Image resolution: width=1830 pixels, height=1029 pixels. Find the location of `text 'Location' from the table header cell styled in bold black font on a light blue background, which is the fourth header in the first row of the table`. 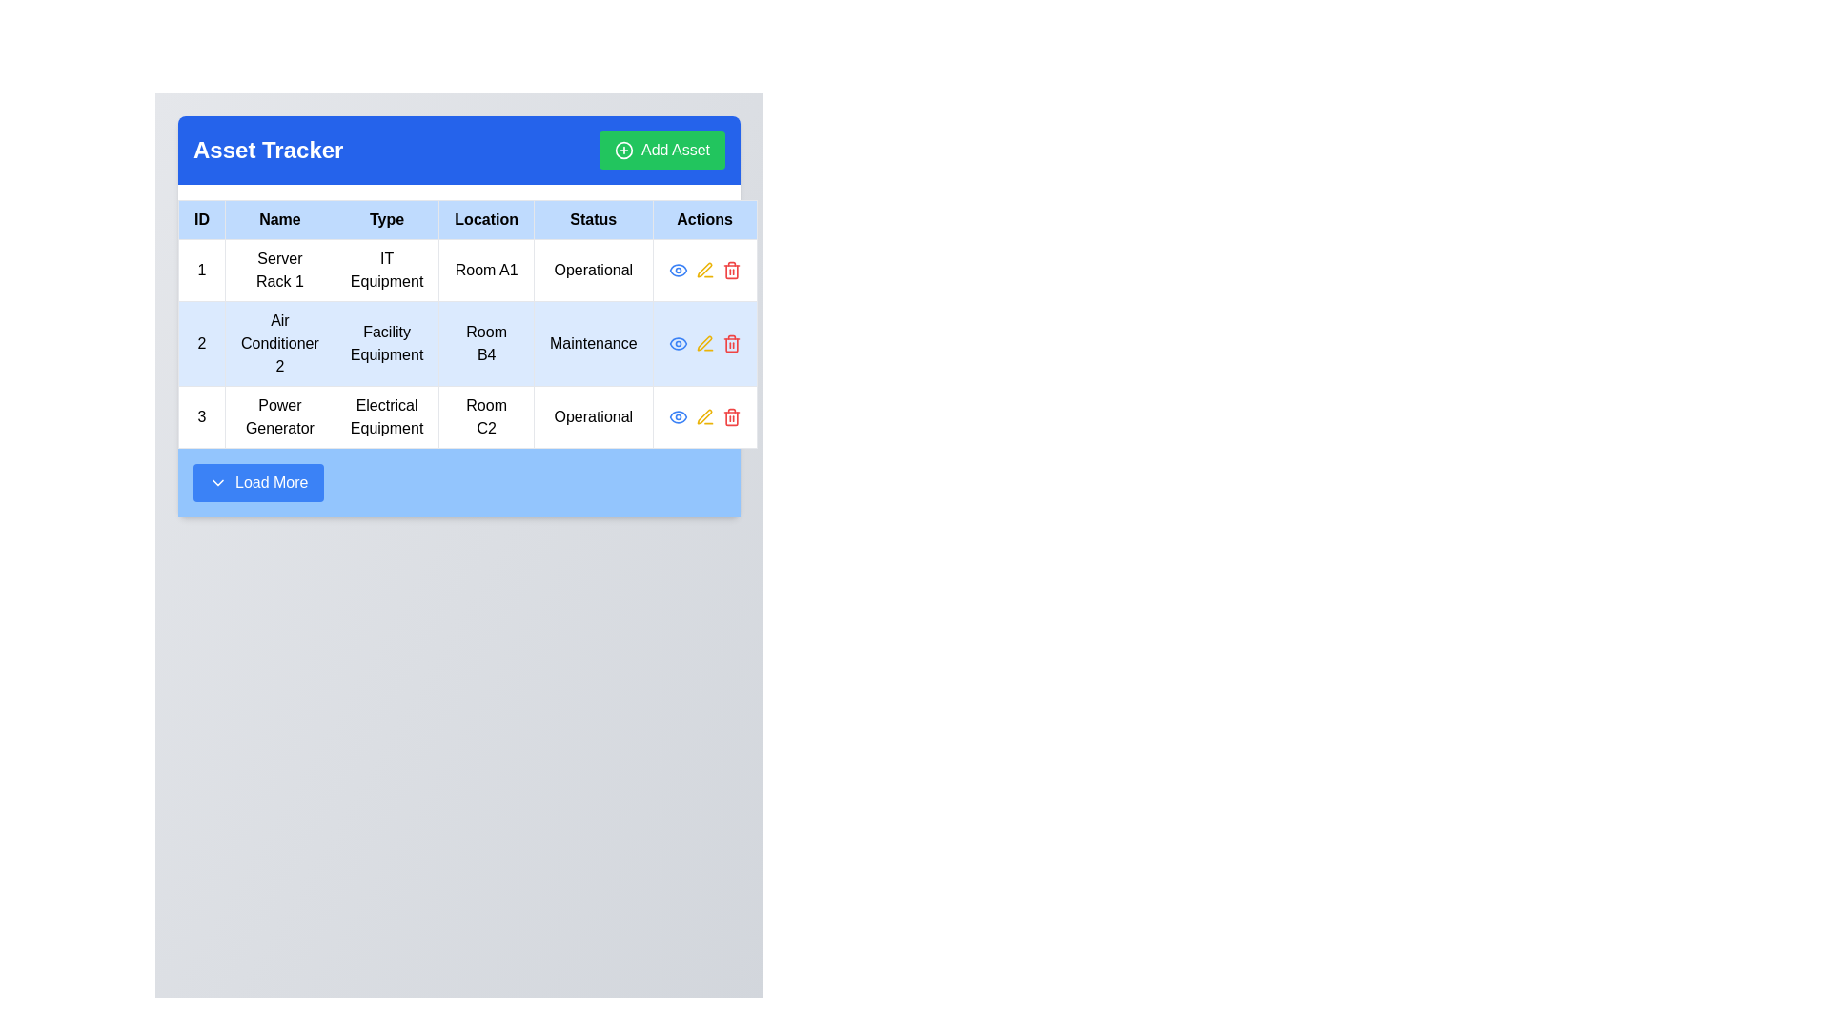

text 'Location' from the table header cell styled in bold black font on a light blue background, which is the fourth header in the first row of the table is located at coordinates (486, 219).